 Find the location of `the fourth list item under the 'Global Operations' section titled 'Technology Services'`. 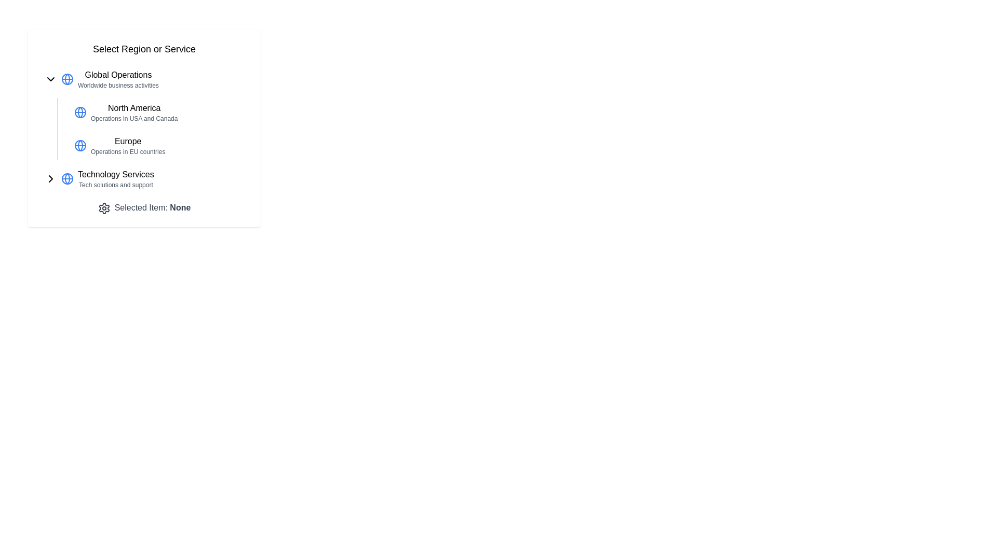

the fourth list item under the 'Global Operations' section titled 'Technology Services' is located at coordinates (144, 178).